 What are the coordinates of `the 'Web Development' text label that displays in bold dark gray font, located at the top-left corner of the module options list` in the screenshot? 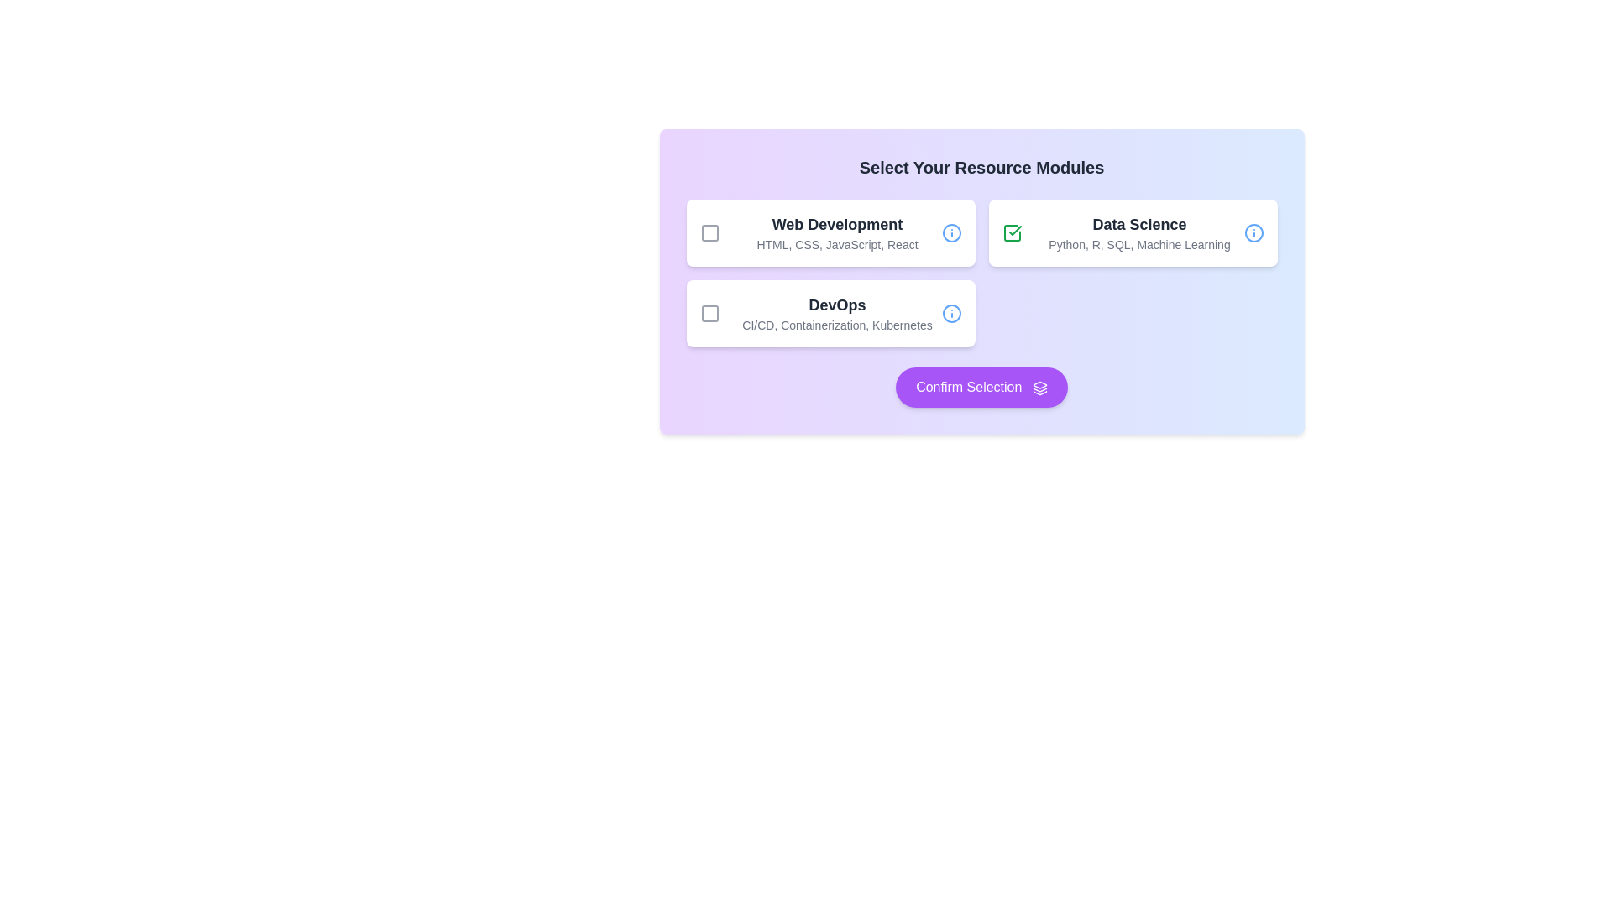 It's located at (837, 223).